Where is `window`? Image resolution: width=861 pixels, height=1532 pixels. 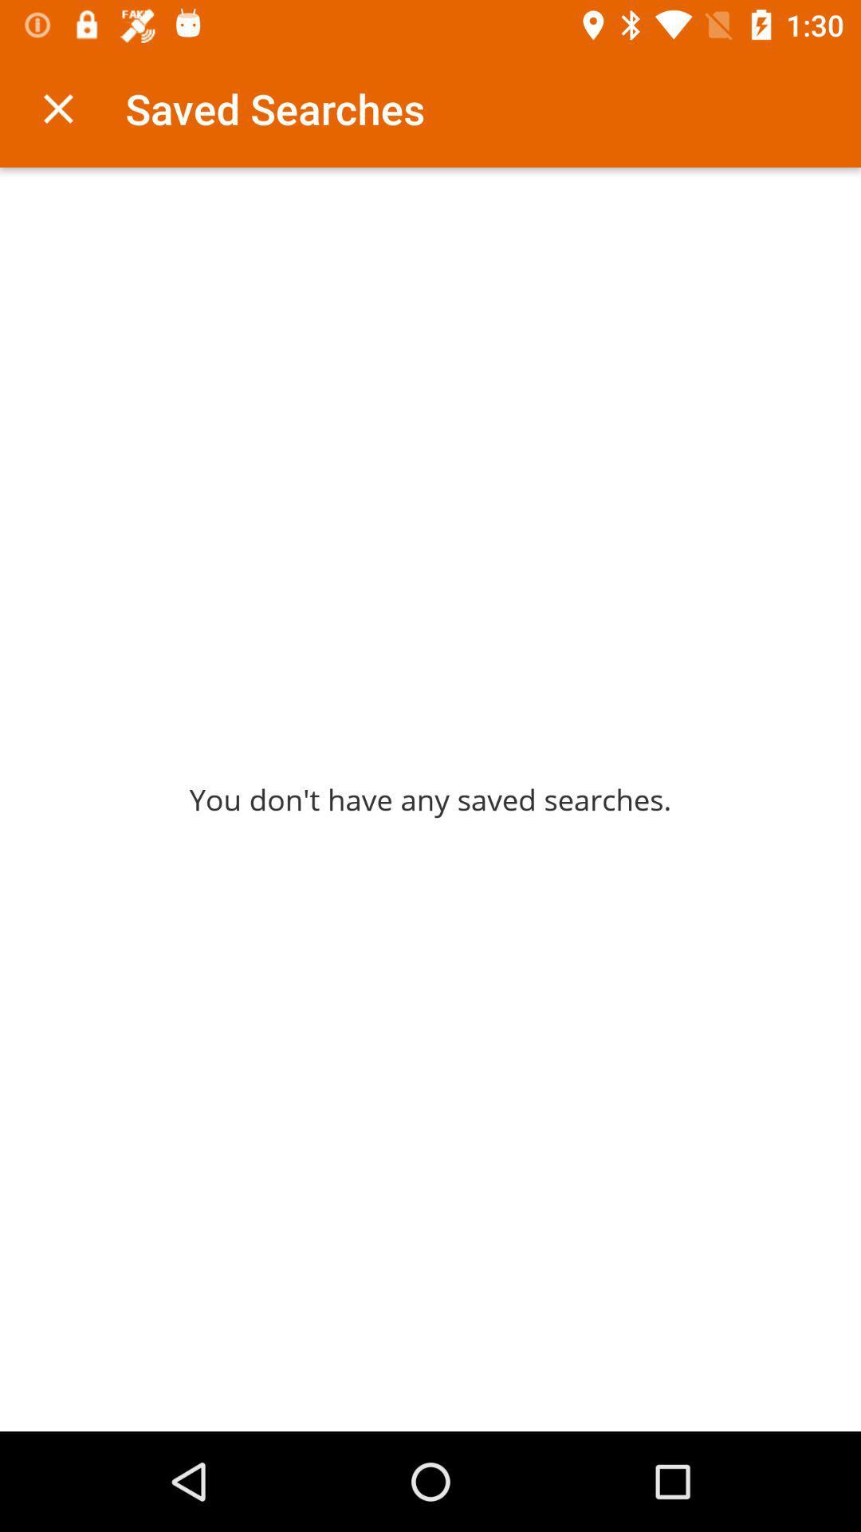 window is located at coordinates (57, 108).